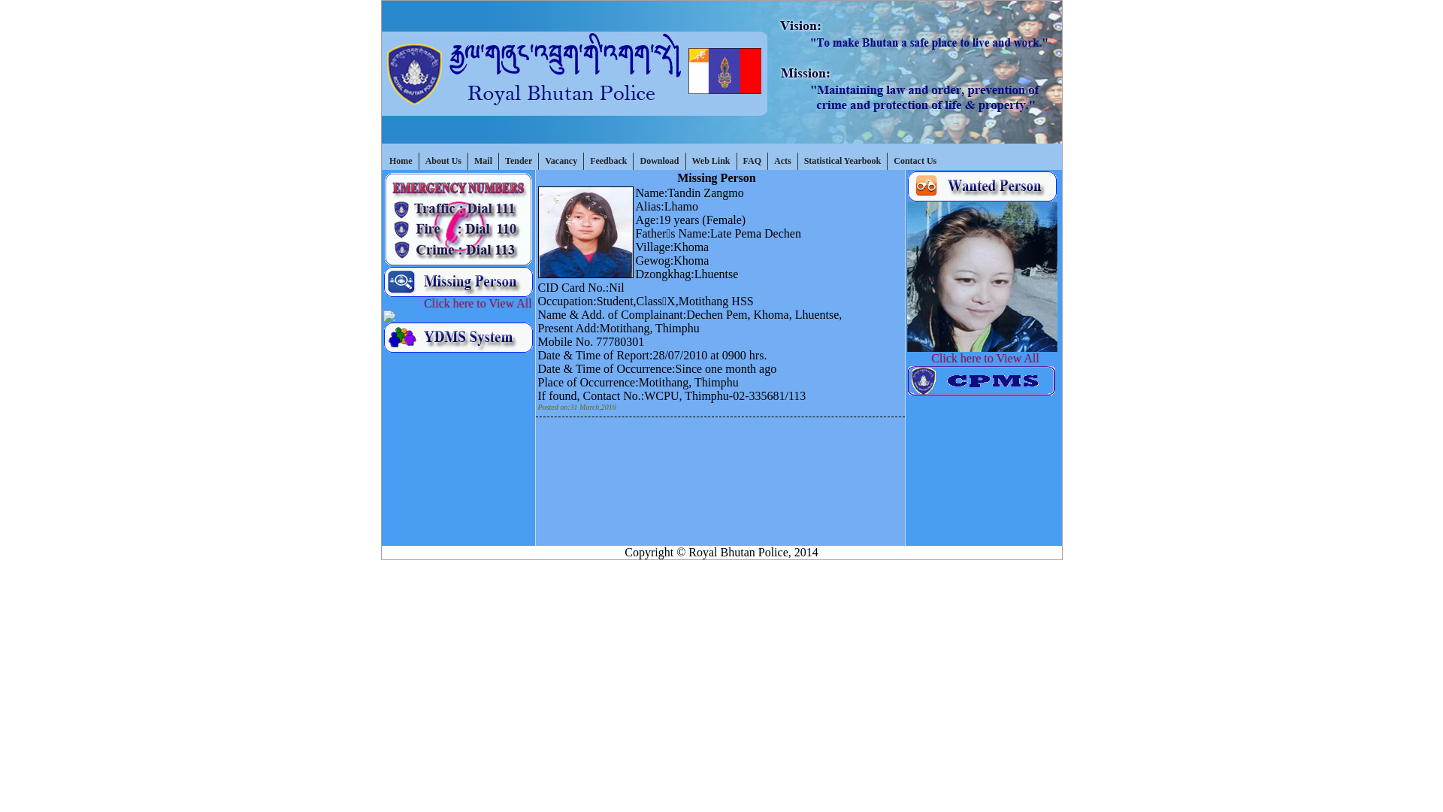 The image size is (1443, 812). What do you see at coordinates (914, 161) in the screenshot?
I see `'Contact Us'` at bounding box center [914, 161].